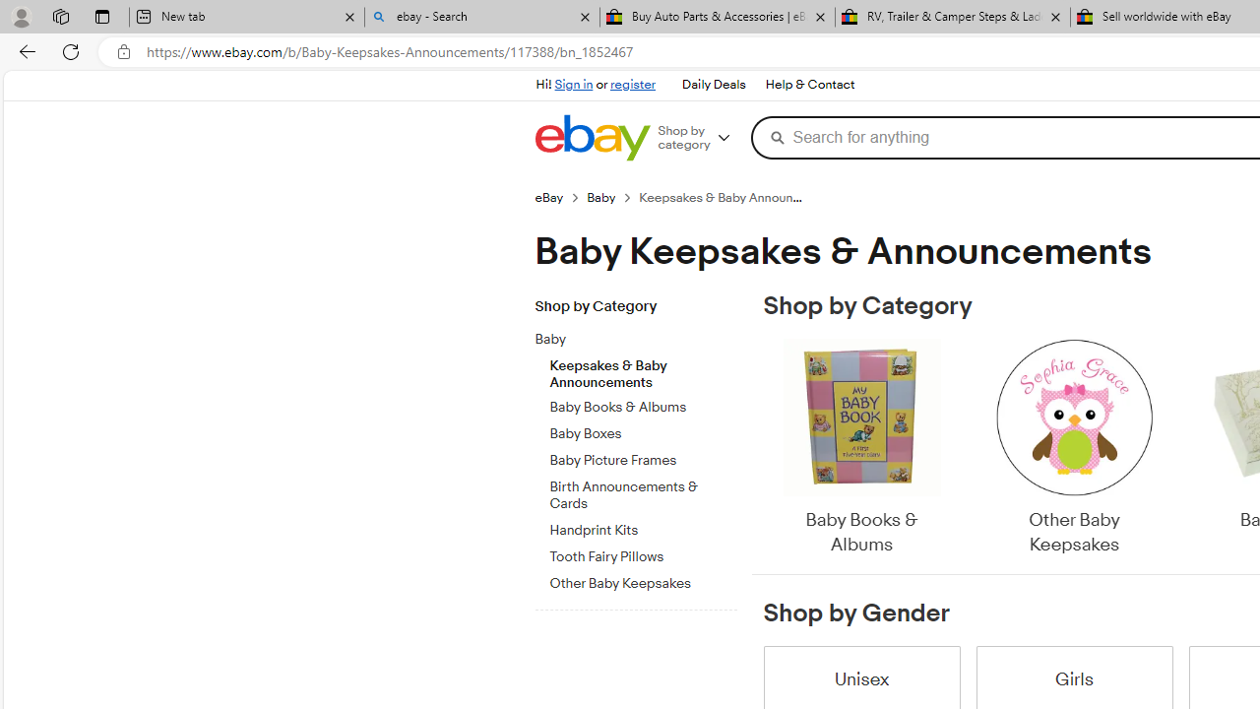 This screenshot has width=1260, height=709. What do you see at coordinates (643, 530) in the screenshot?
I see `'Handprint Kits'` at bounding box center [643, 530].